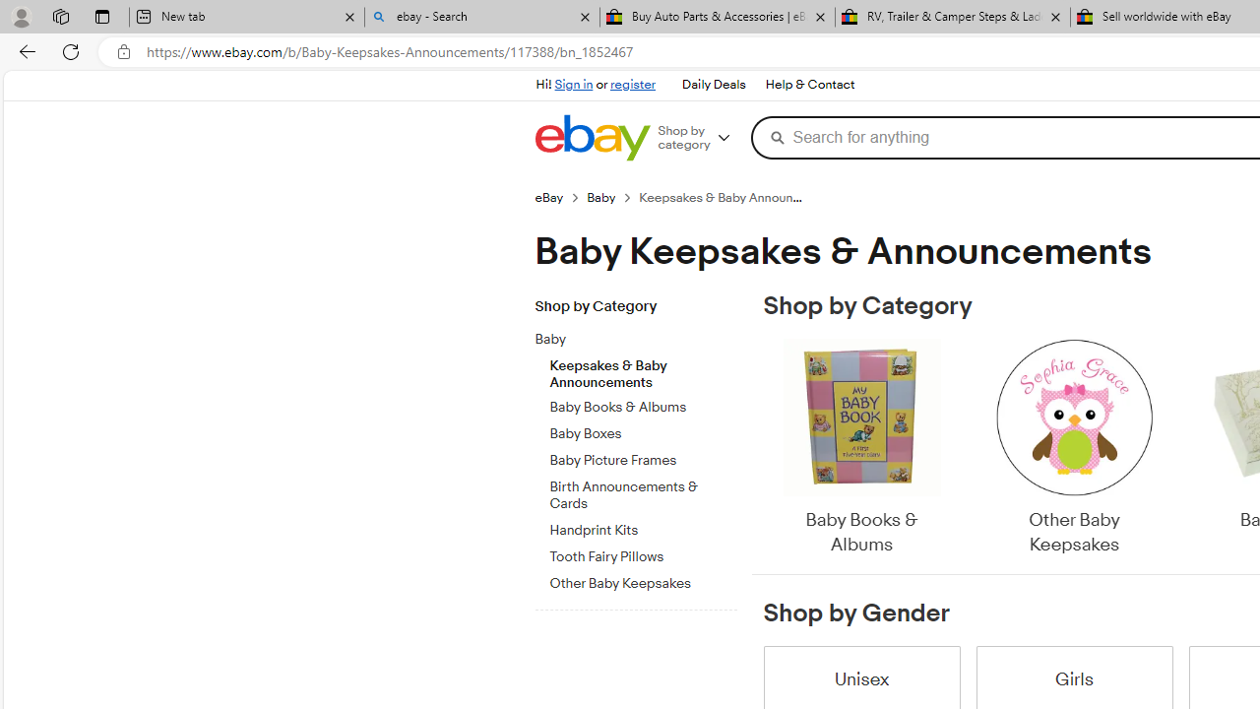 This screenshot has width=1260, height=709. What do you see at coordinates (643, 530) in the screenshot?
I see `'Handprint Kits'` at bounding box center [643, 530].